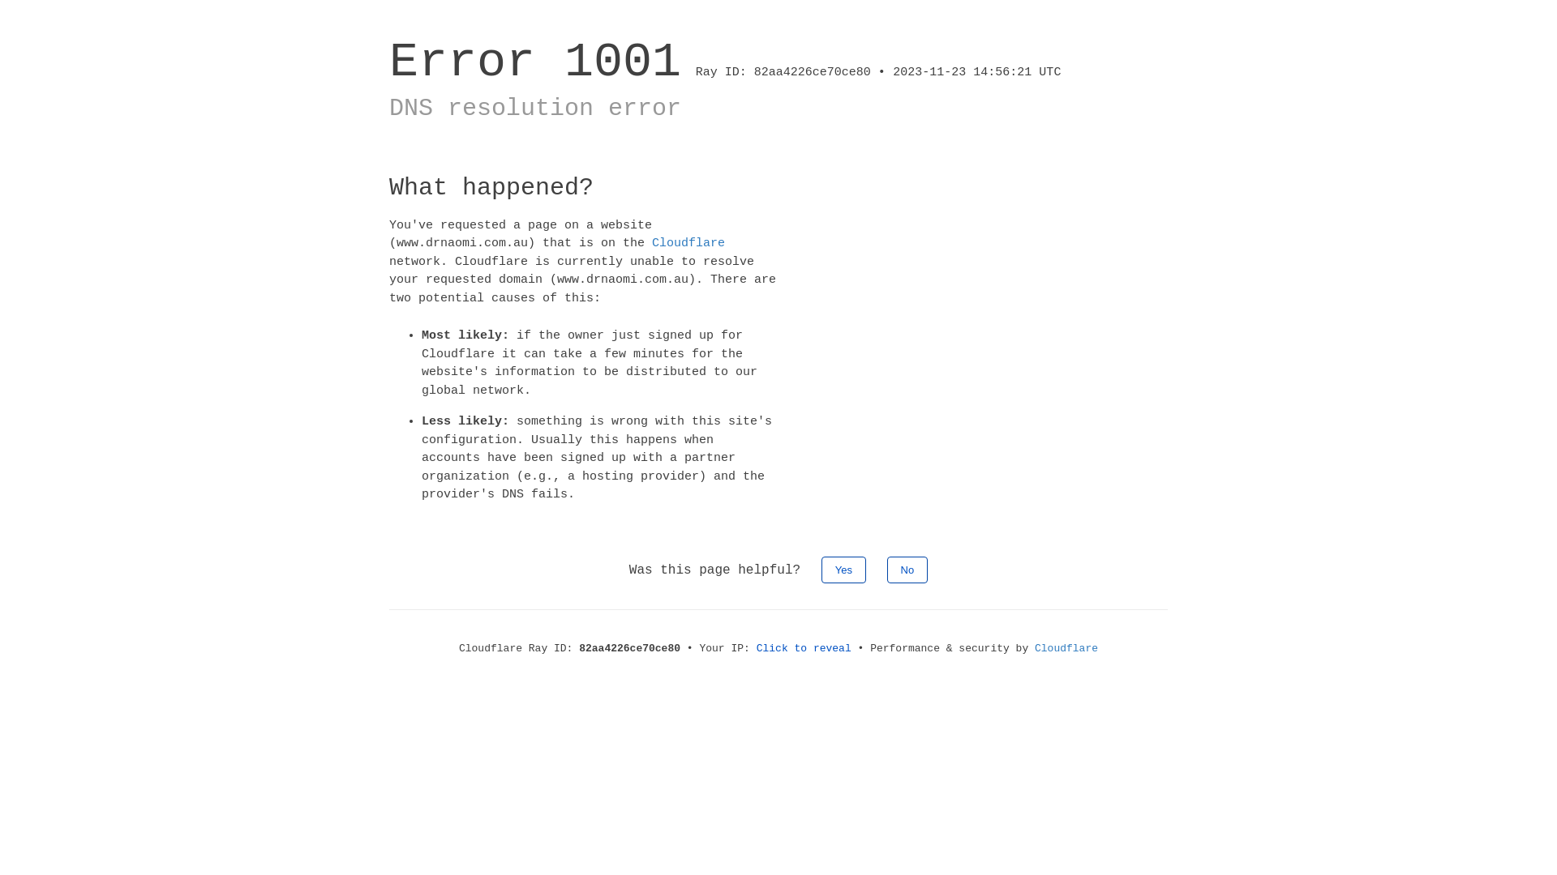 This screenshot has height=875, width=1557. I want to click on 'Cloudflare', so click(688, 243).